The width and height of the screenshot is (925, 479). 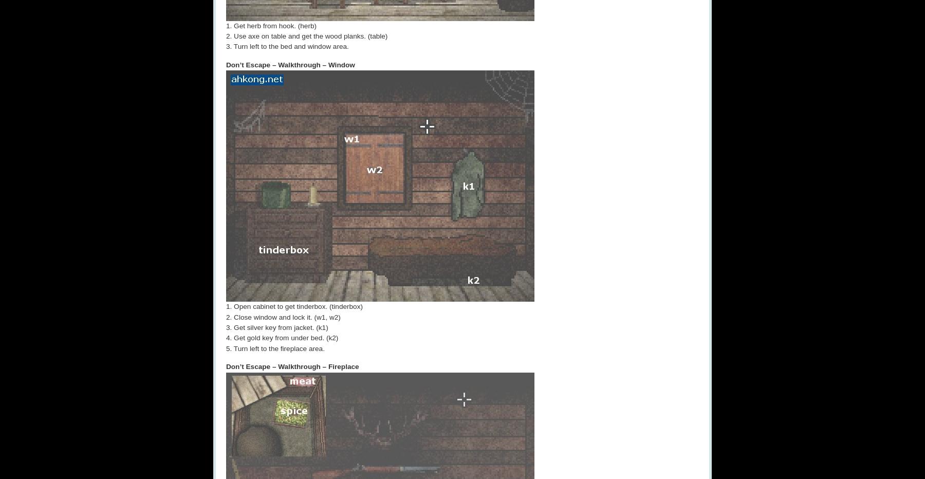 What do you see at coordinates (290, 64) in the screenshot?
I see `'Don’t Escape – Walkthrough – Window'` at bounding box center [290, 64].